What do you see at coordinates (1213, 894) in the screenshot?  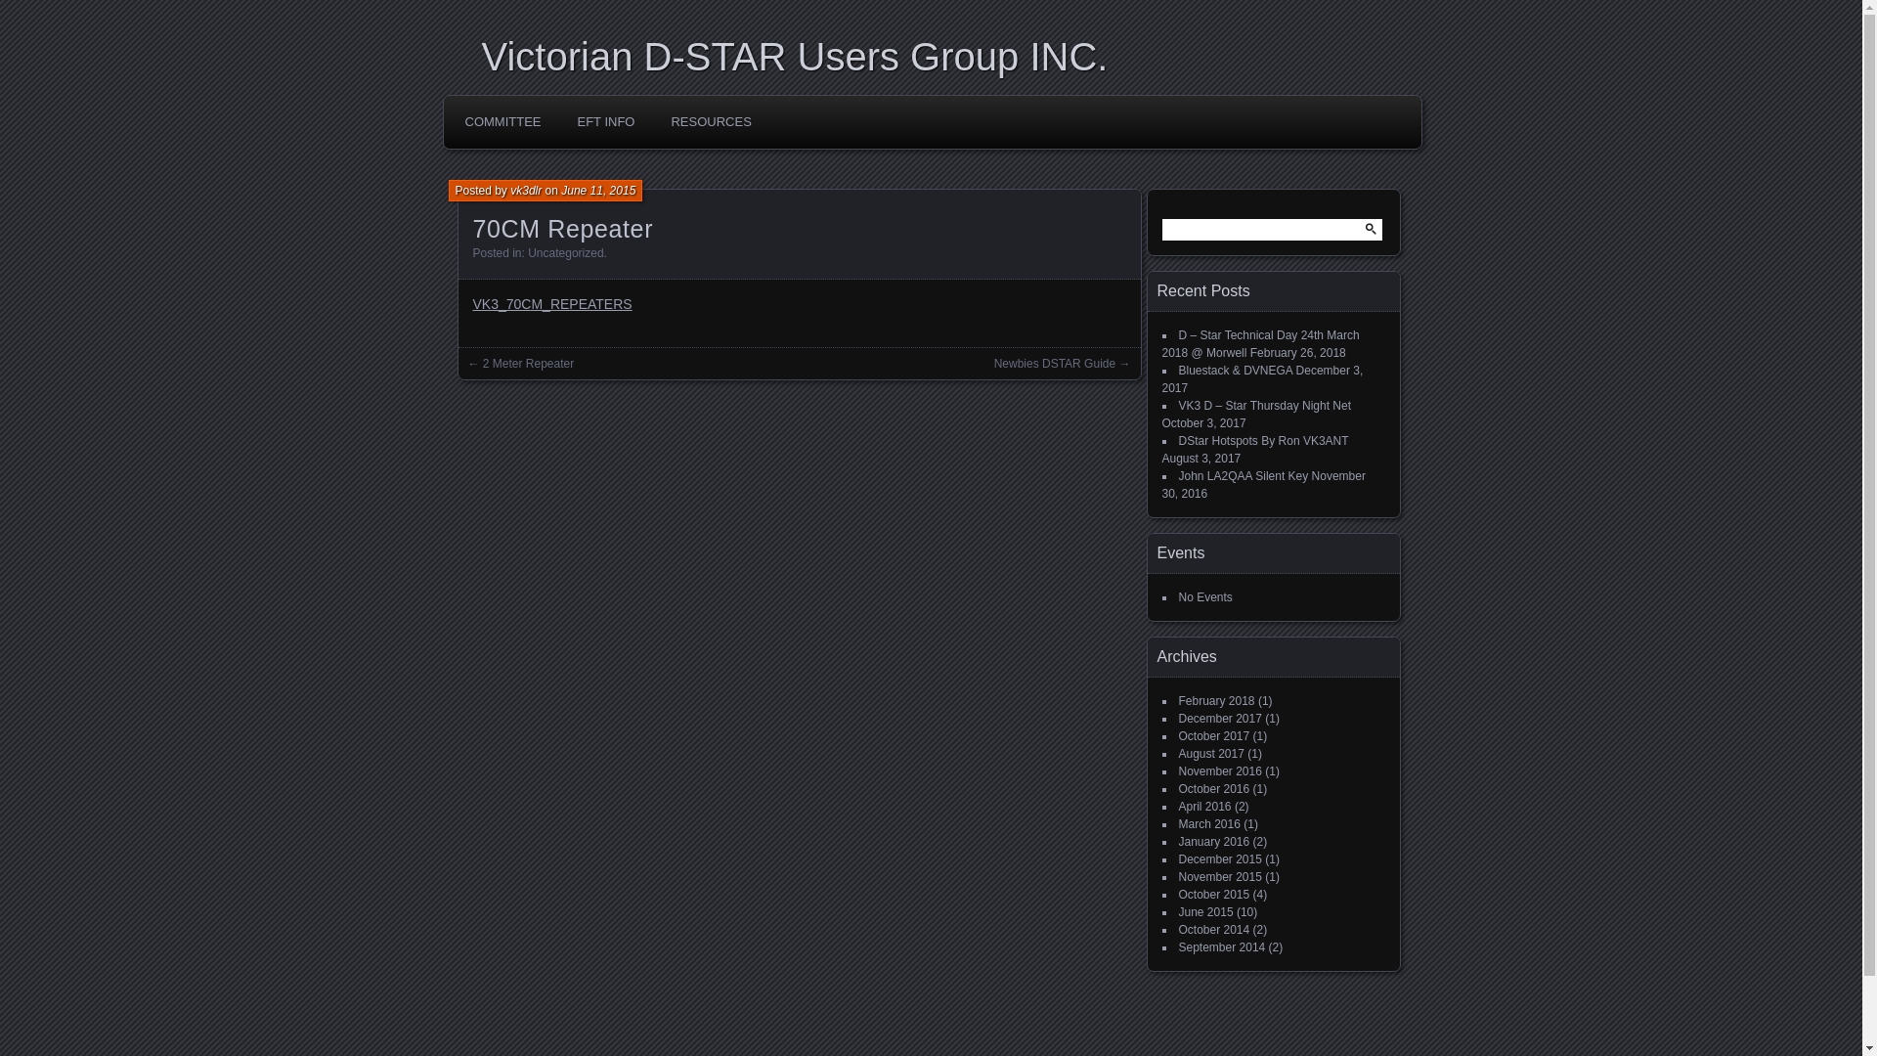 I see `'October 2015'` at bounding box center [1213, 894].